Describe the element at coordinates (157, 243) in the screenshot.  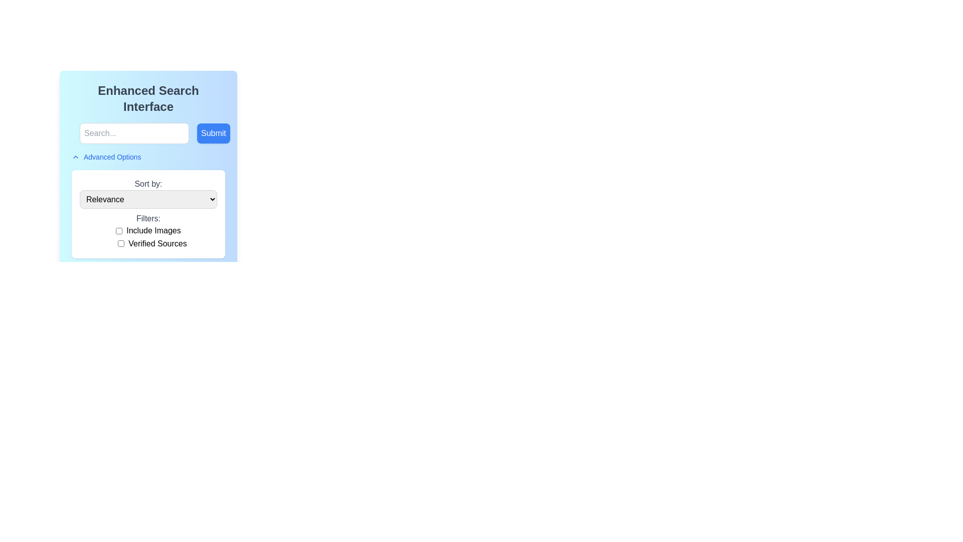
I see `text content of the label associated with the second checkbox option in the Filters section, which describes filtering results to include verified sources` at that location.